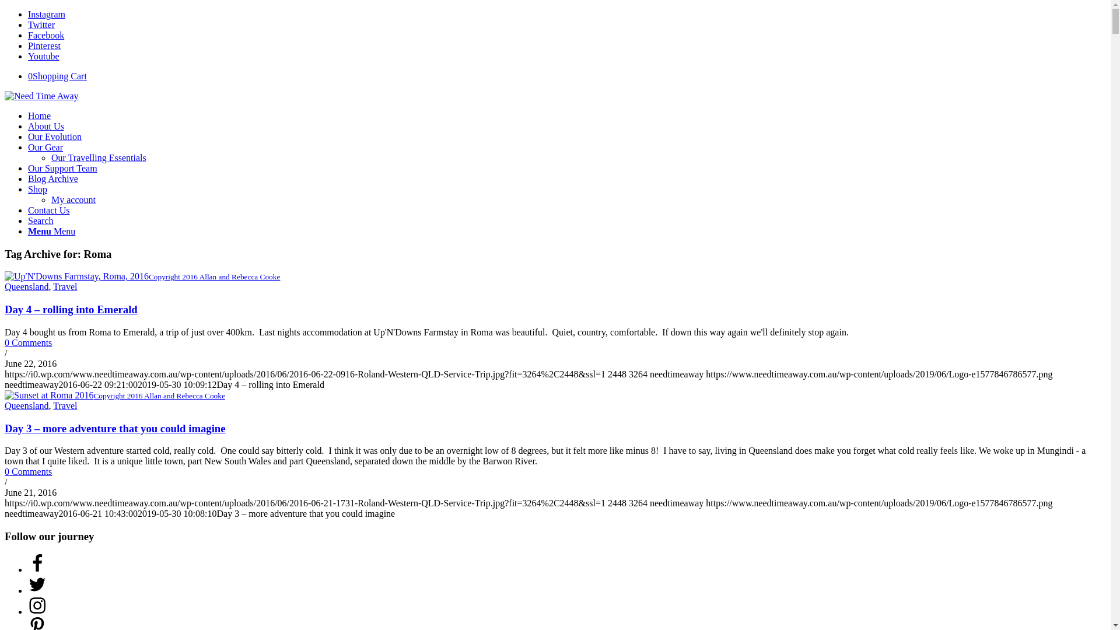  Describe the element at coordinates (54, 136) in the screenshot. I see `'Our Evolution'` at that location.